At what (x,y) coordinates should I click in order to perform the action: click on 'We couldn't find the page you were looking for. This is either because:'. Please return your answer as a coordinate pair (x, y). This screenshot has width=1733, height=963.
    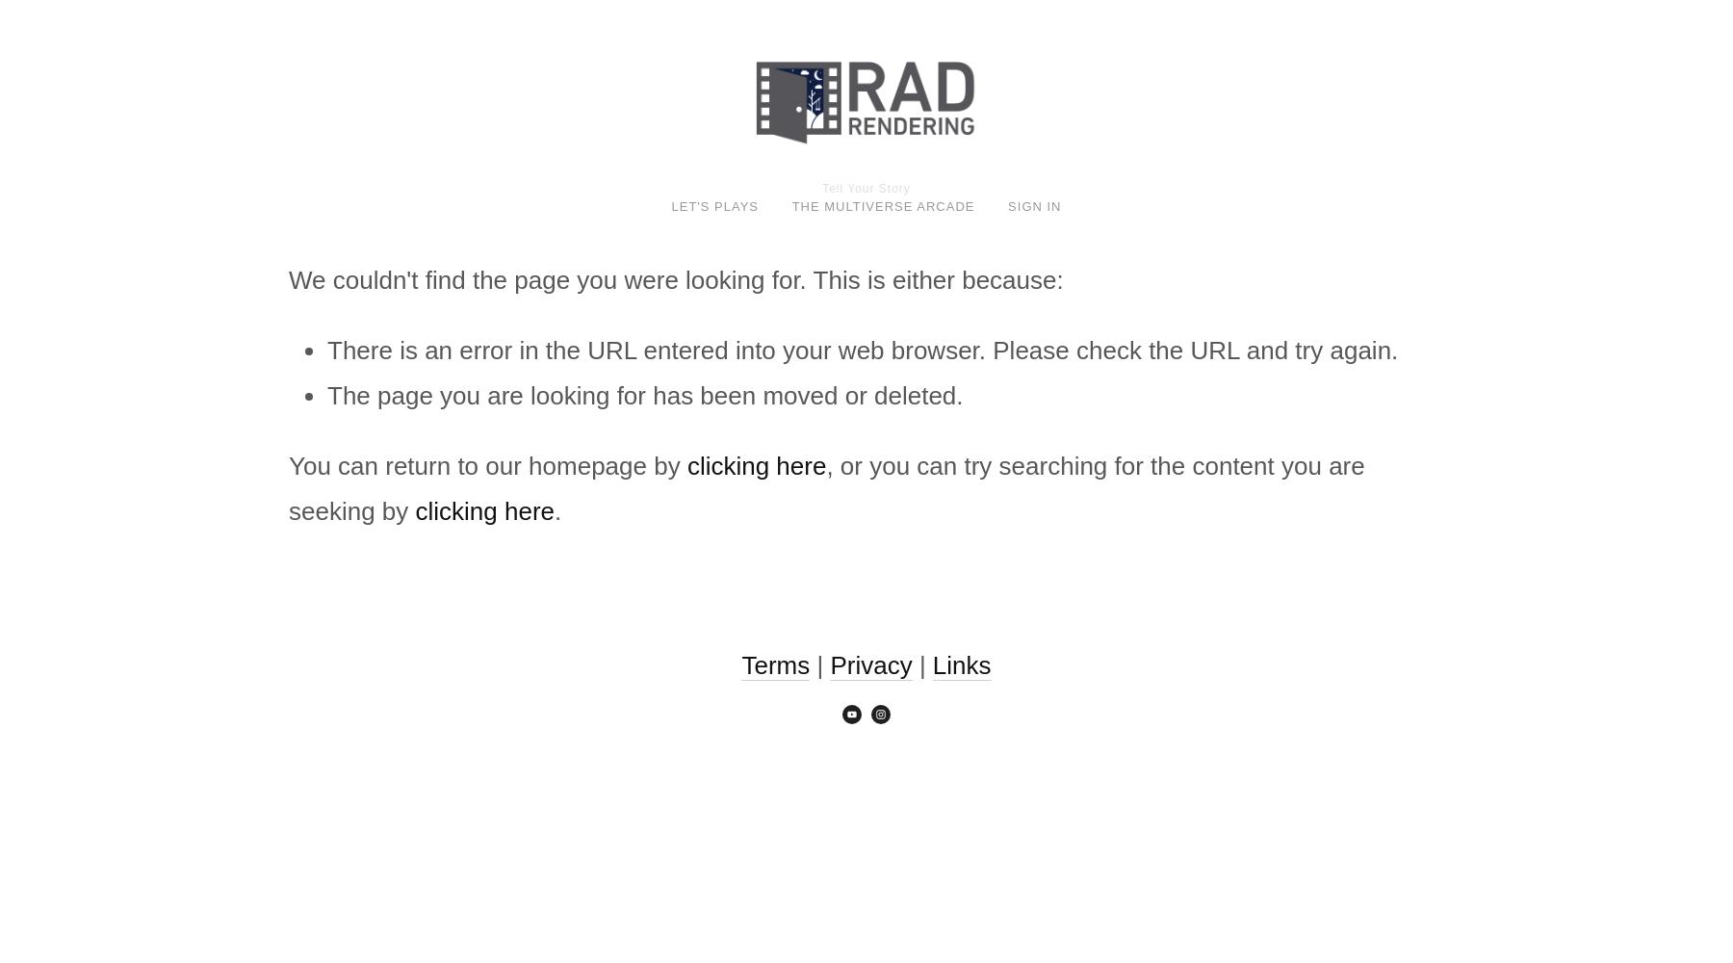
    Looking at the image, I should click on (675, 280).